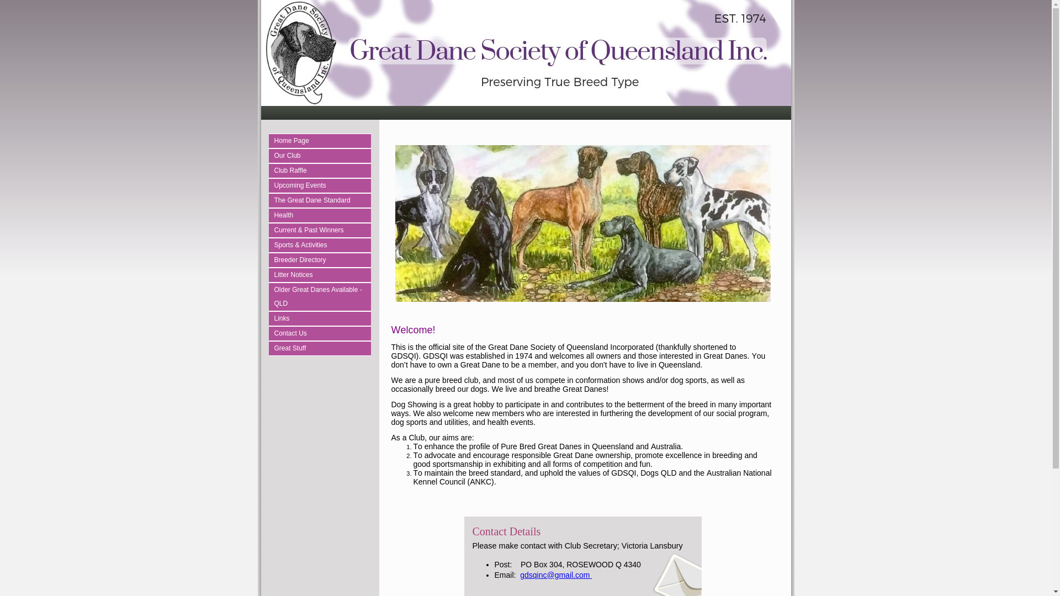 Image resolution: width=1060 pixels, height=596 pixels. What do you see at coordinates (321, 200) in the screenshot?
I see `'The Great Dane Standard'` at bounding box center [321, 200].